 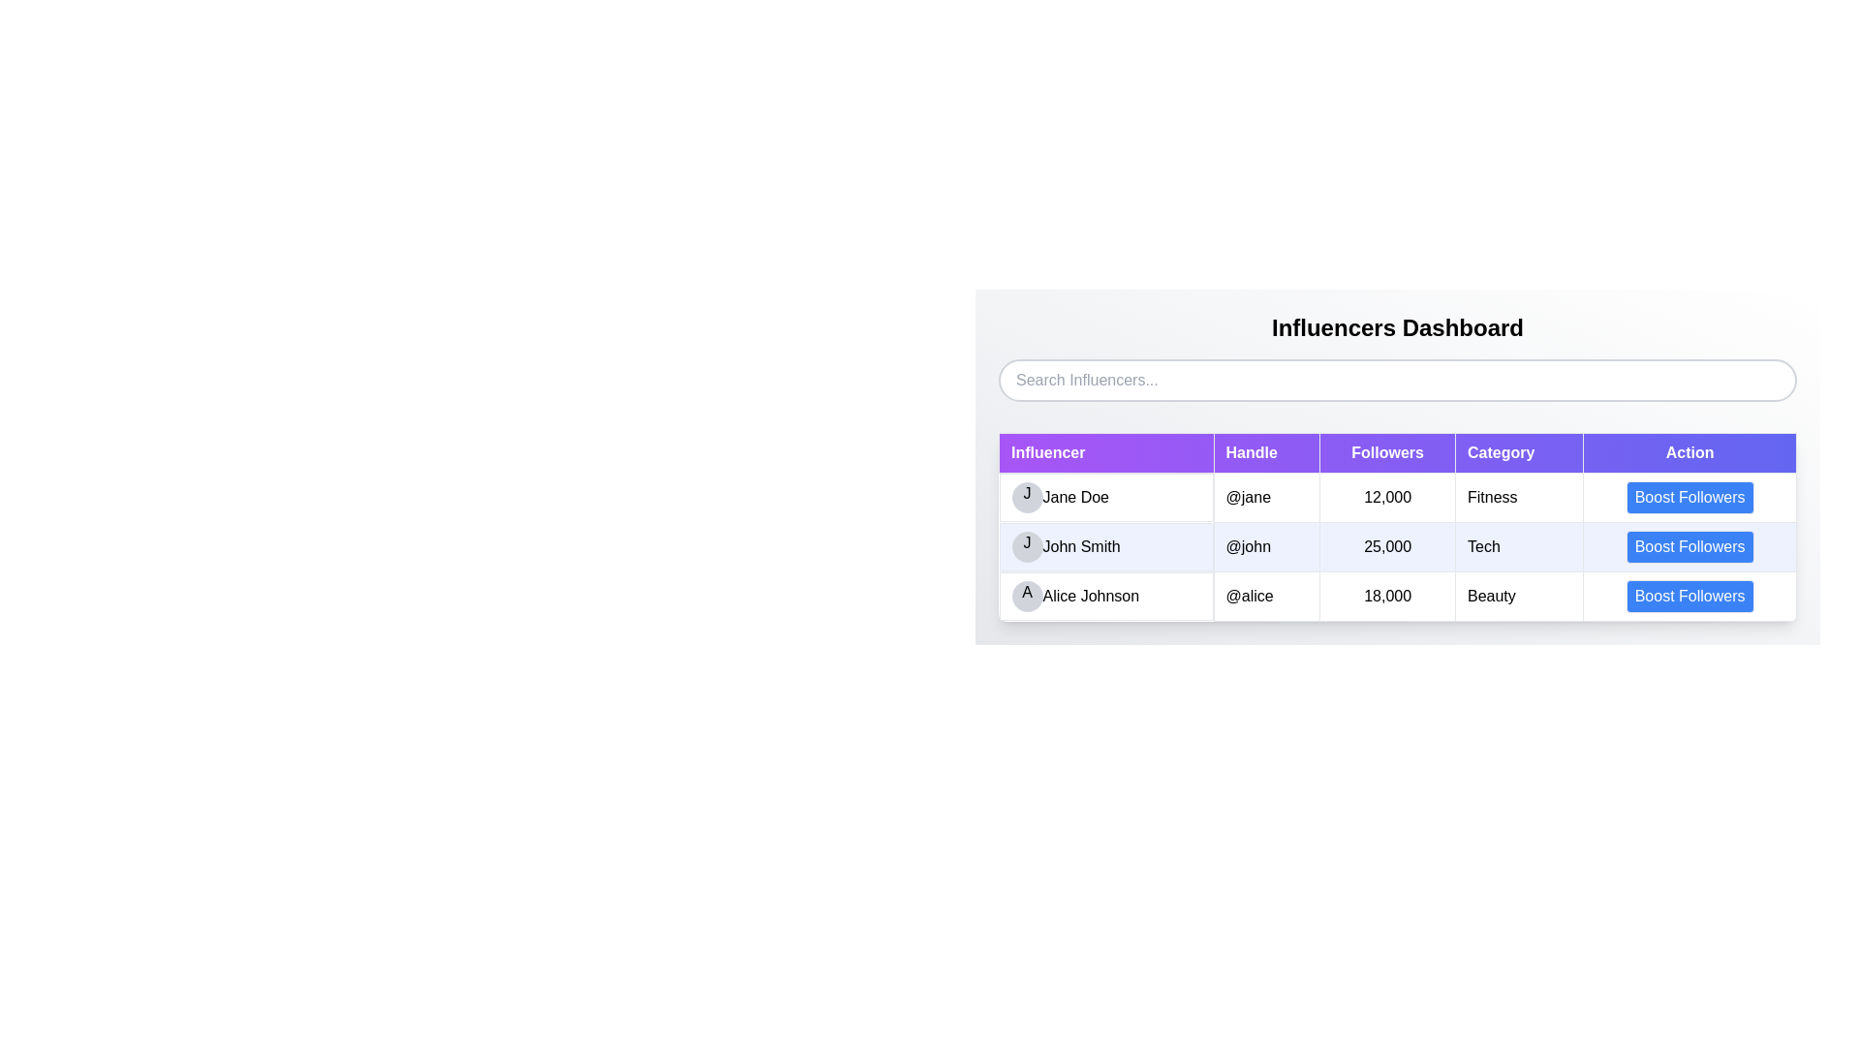 I want to click on table cell displaying the text 'Beauty' located in the third row under the 'Category' column, so click(x=1518, y=596).